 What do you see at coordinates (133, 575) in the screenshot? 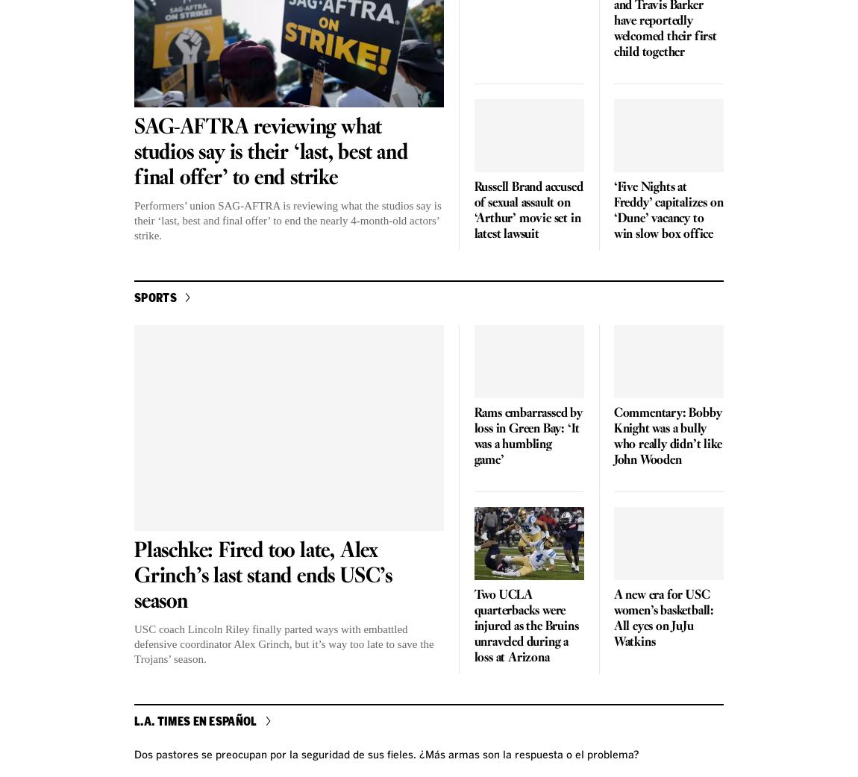
I see `'Plaschke: Fired too late, Alex Grinch’s last stand ends USC’s season'` at bounding box center [133, 575].